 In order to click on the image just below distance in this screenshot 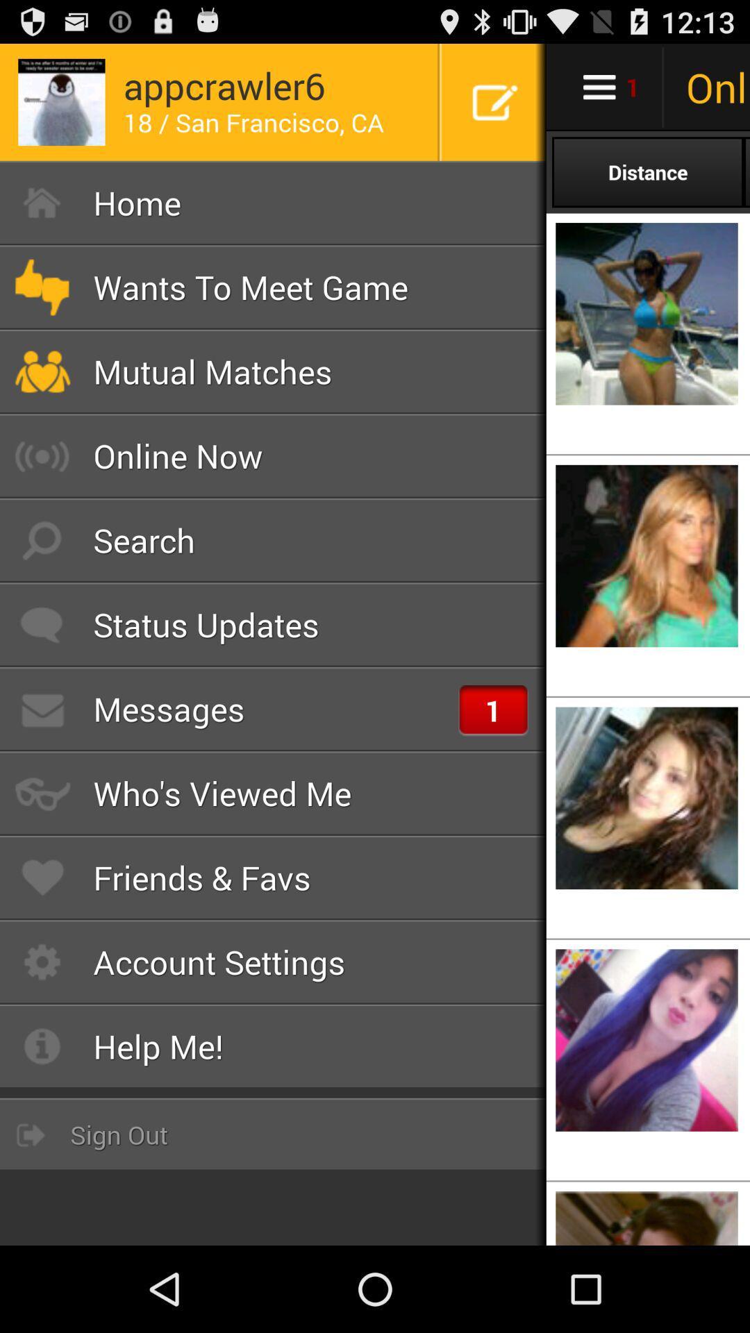, I will do `click(647, 313)`.